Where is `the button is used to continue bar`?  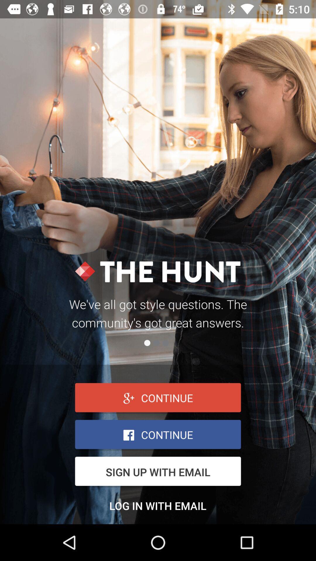 the button is used to continue bar is located at coordinates (158, 435).